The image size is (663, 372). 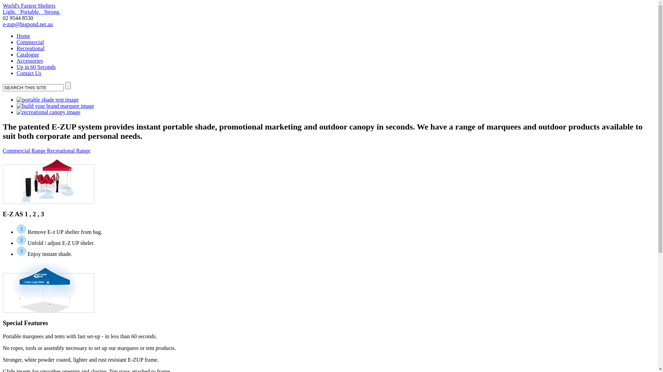 I want to click on 'SEARCH THIS SITE', so click(x=33, y=87).